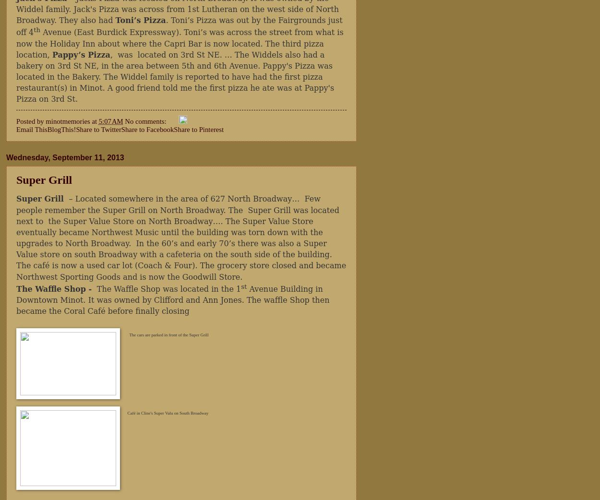  I want to click on '5:07 AM', so click(110, 120).